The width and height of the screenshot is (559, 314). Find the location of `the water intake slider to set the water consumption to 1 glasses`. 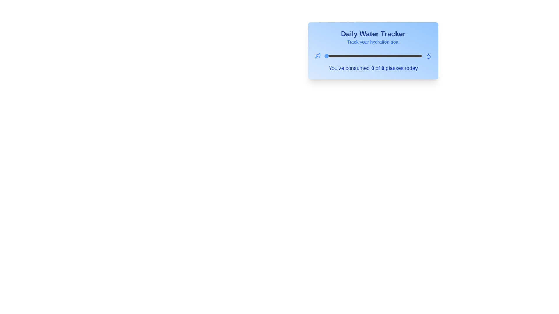

the water intake slider to set the water consumption to 1 glasses is located at coordinates (337, 56).